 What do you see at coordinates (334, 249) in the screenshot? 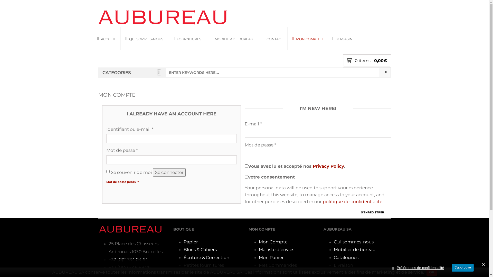
I see `'Mobilier de bureau'` at bounding box center [334, 249].